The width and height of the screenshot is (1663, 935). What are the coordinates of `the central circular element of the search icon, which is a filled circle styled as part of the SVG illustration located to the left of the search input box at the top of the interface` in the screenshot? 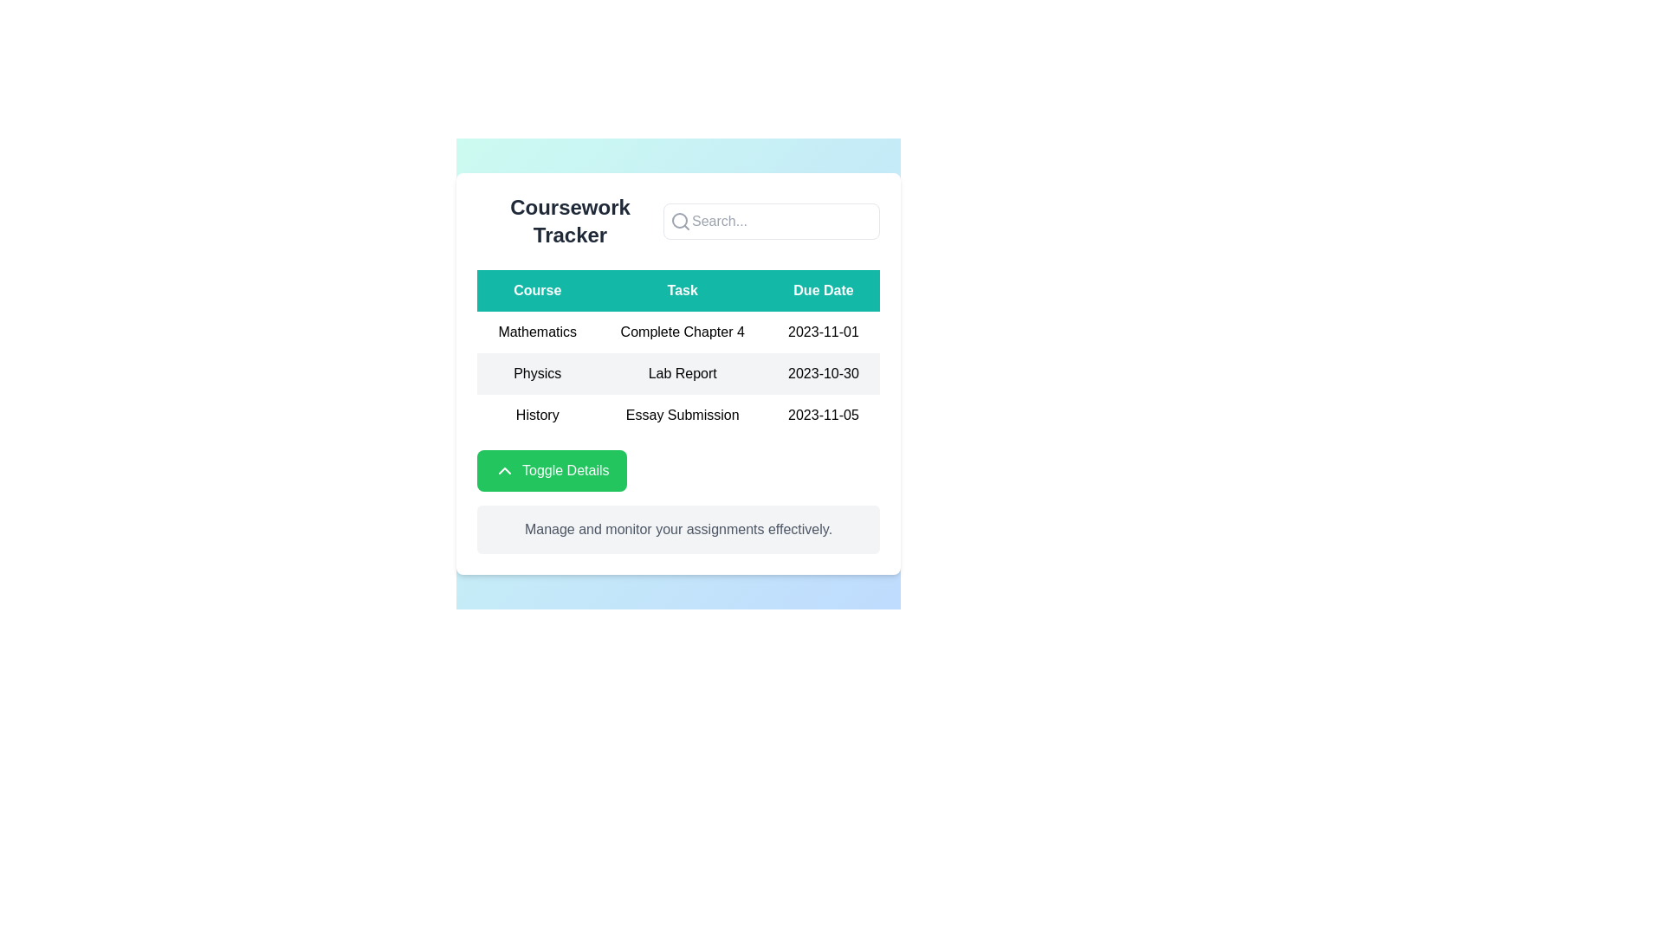 It's located at (679, 219).